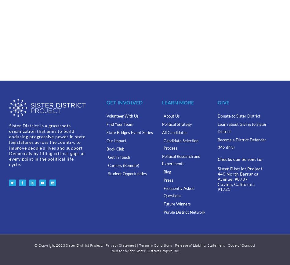 This screenshot has height=265, width=290. What do you see at coordinates (177, 204) in the screenshot?
I see `'Future Winners'` at bounding box center [177, 204].